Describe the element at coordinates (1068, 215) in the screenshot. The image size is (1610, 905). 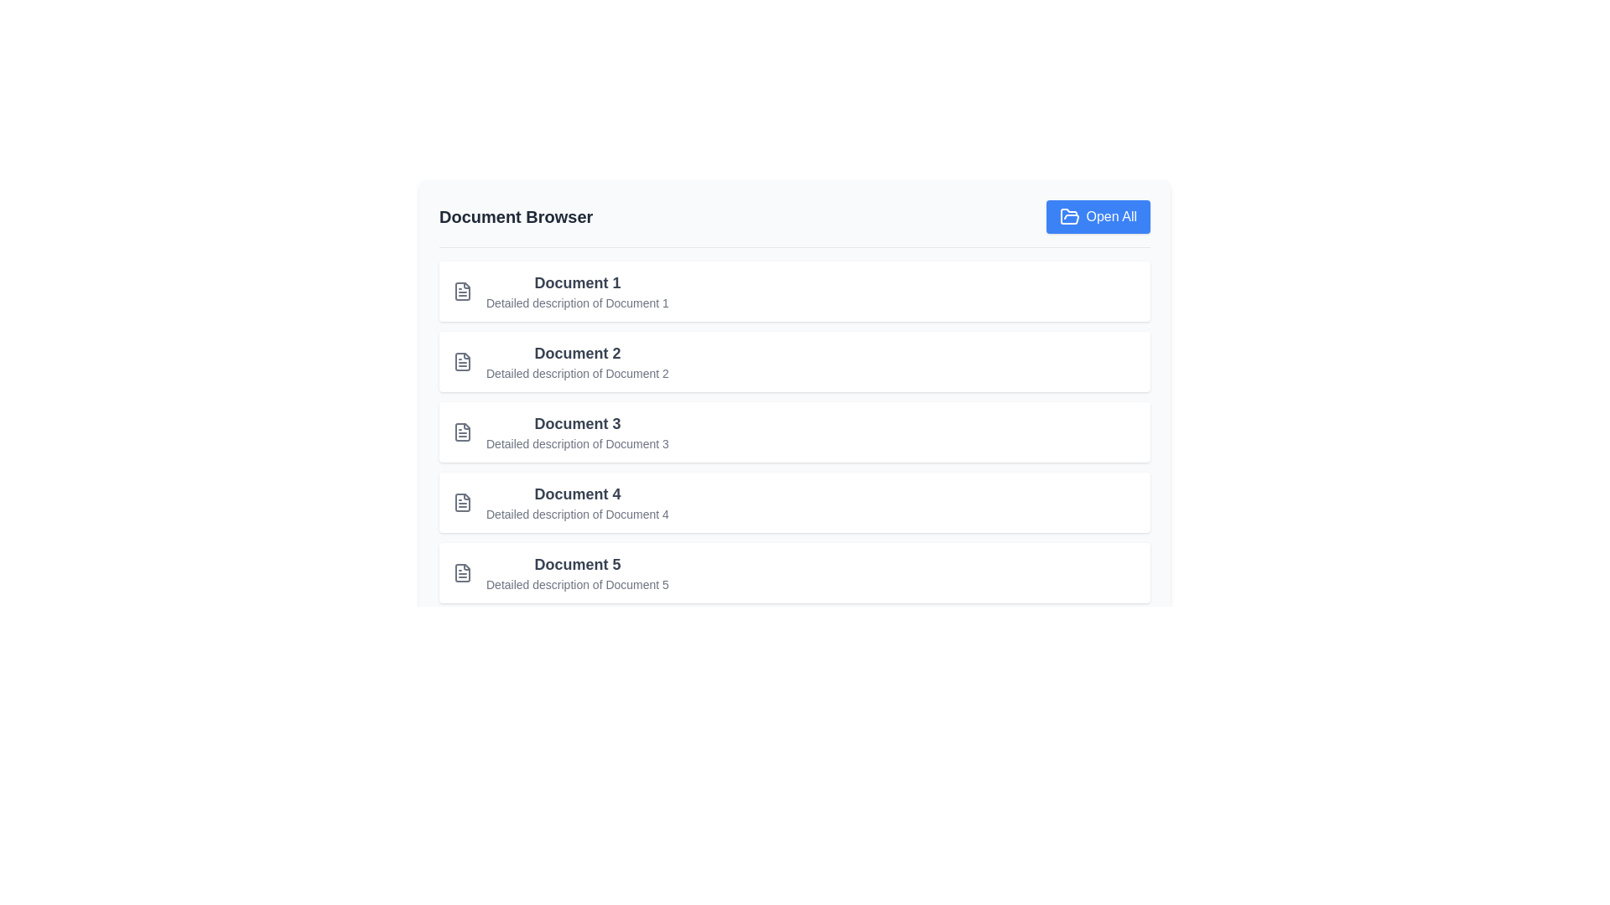
I see `the open folder icon with a blue outline located at the top-right corner of the interface, adjacent to the 'Open All' button` at that location.